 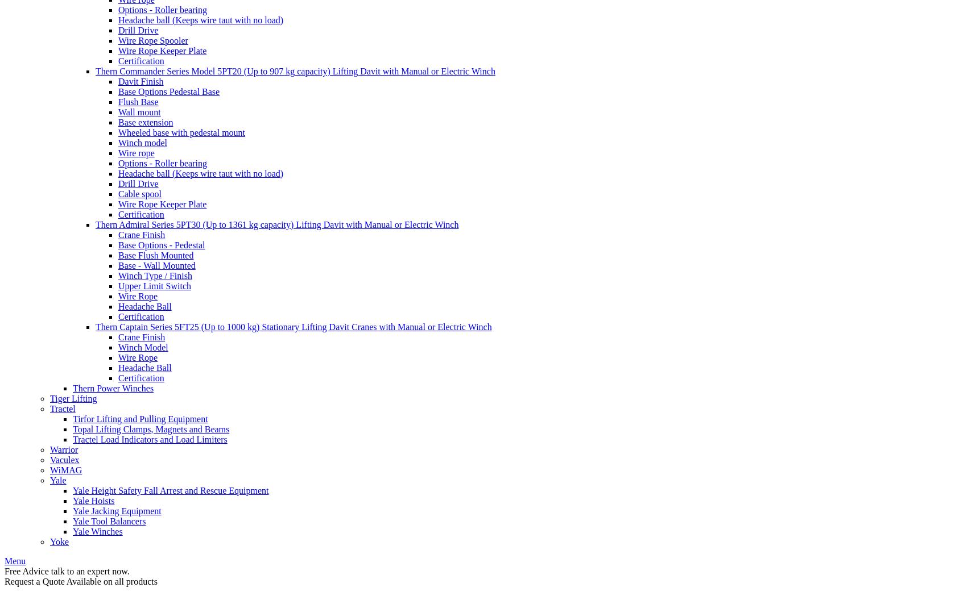 I want to click on 'Base - Wall Mounted', so click(x=156, y=264).